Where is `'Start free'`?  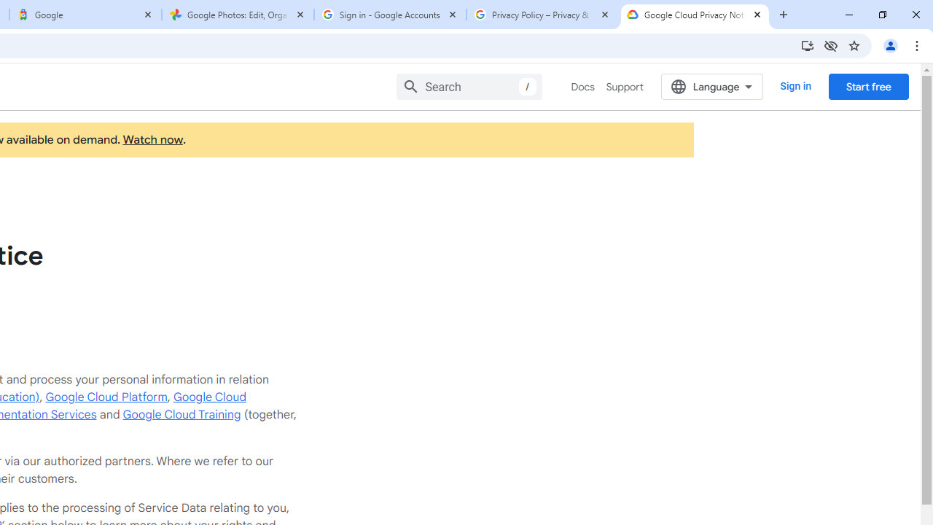
'Start free' is located at coordinates (868, 86).